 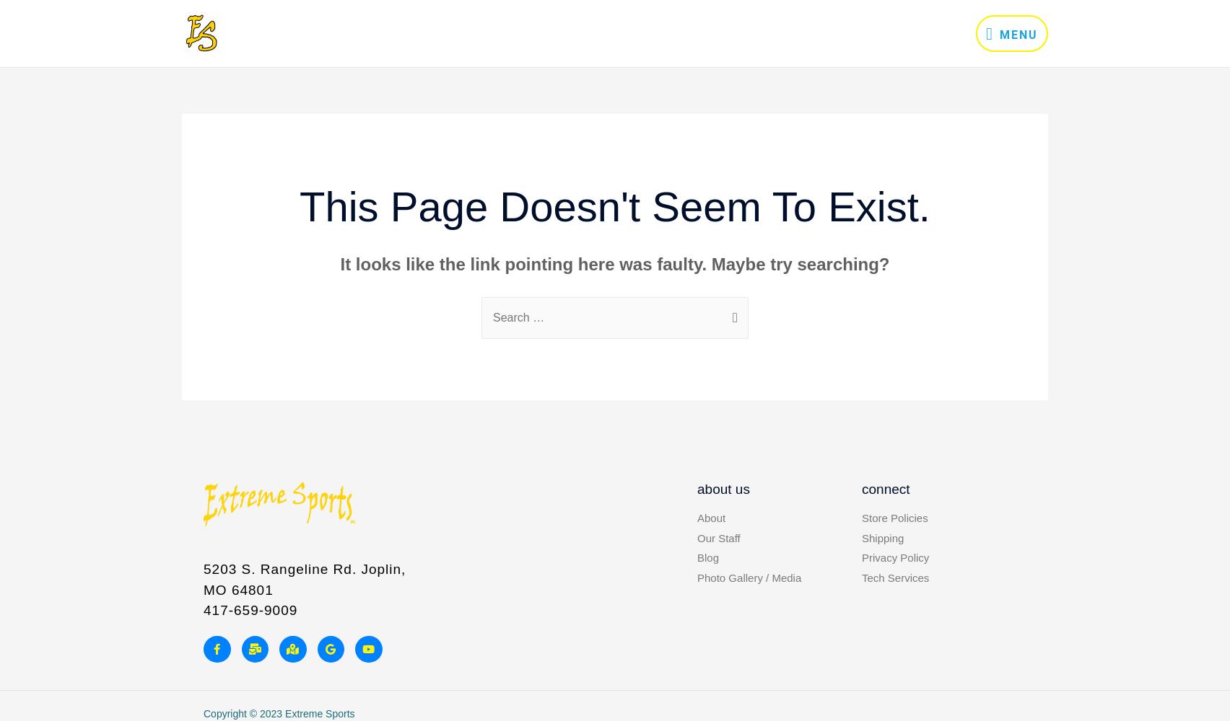 I want to click on 'Shipping', so click(x=881, y=536).